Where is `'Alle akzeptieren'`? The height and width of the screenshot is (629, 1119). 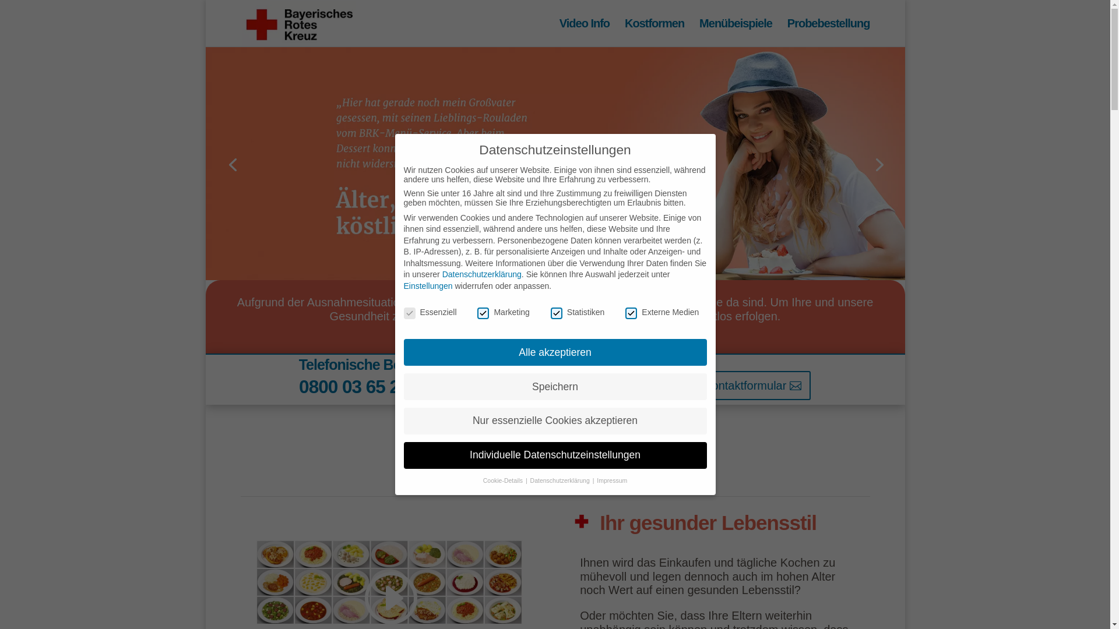 'Alle akzeptieren' is located at coordinates (554, 352).